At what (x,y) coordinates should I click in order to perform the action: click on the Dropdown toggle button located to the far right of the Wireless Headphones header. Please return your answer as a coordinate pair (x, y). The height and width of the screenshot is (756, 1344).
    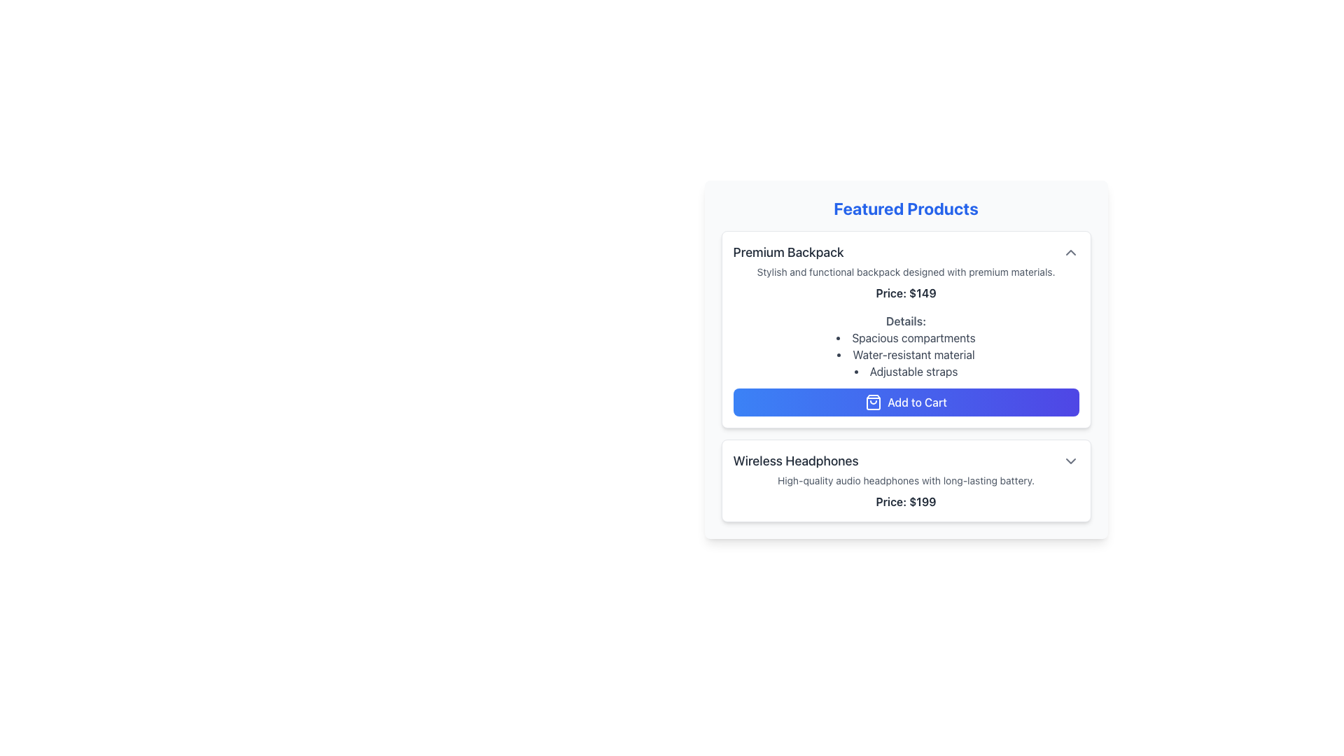
    Looking at the image, I should click on (1070, 461).